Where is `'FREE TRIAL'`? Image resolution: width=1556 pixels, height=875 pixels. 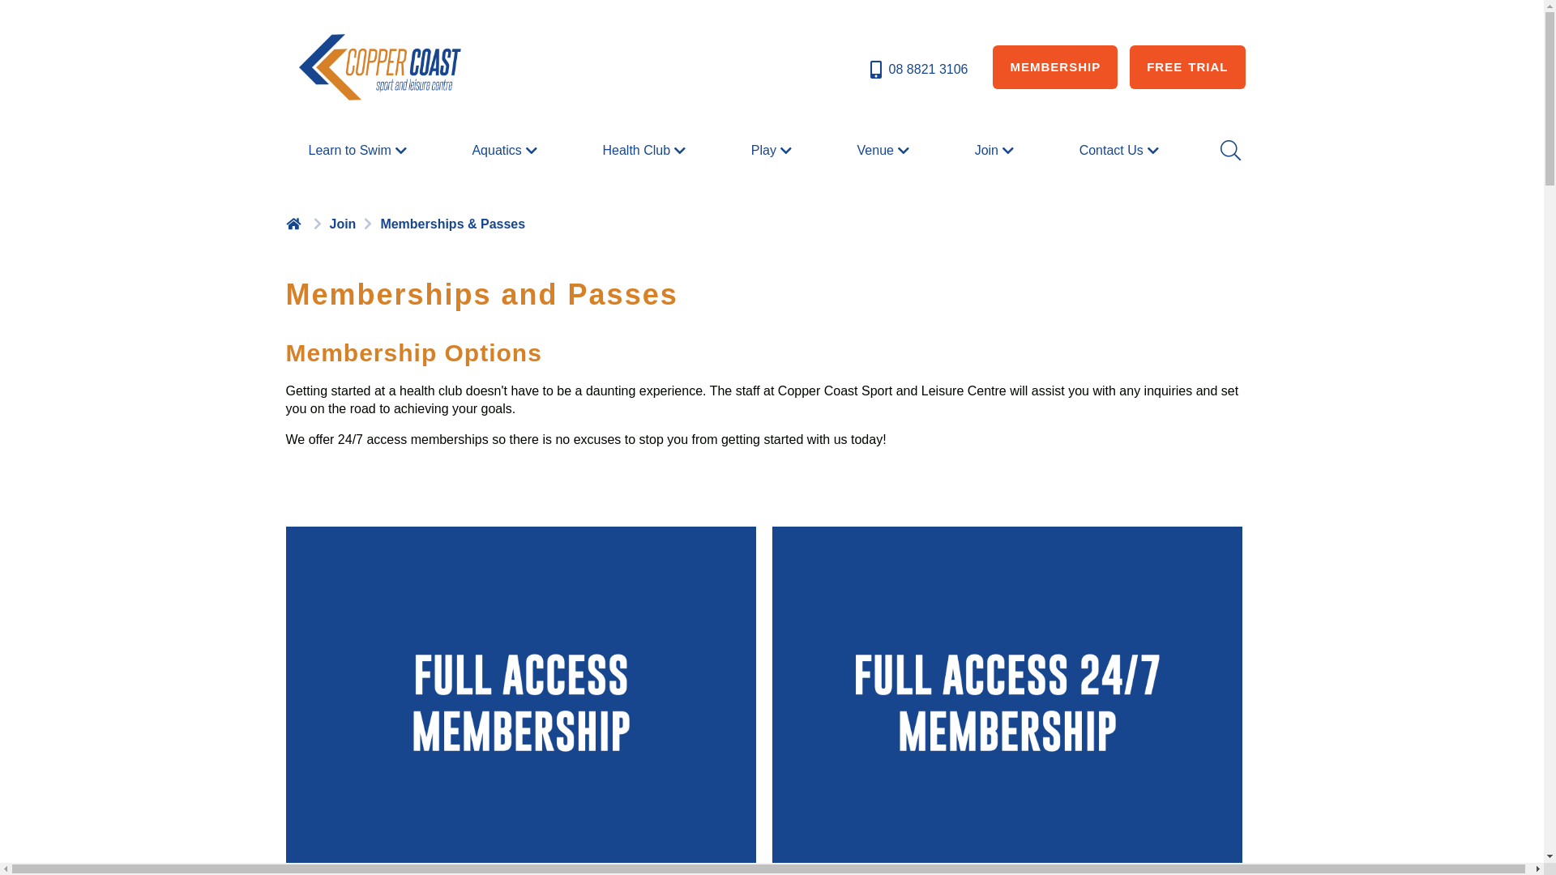
'FREE TRIAL' is located at coordinates (1186, 66).